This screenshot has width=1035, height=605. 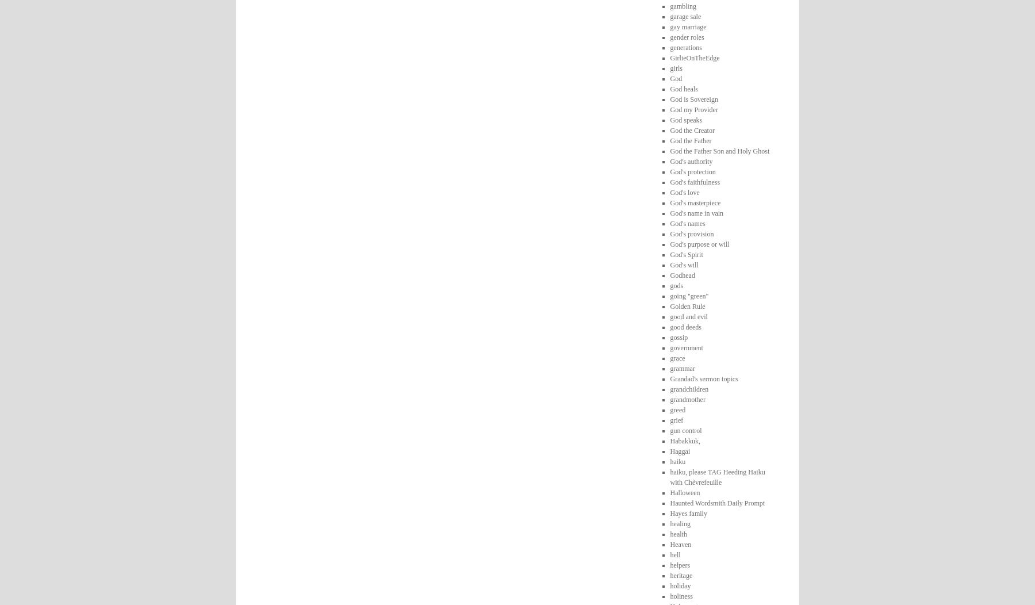 What do you see at coordinates (699, 243) in the screenshot?
I see `'God's purpose or will'` at bounding box center [699, 243].